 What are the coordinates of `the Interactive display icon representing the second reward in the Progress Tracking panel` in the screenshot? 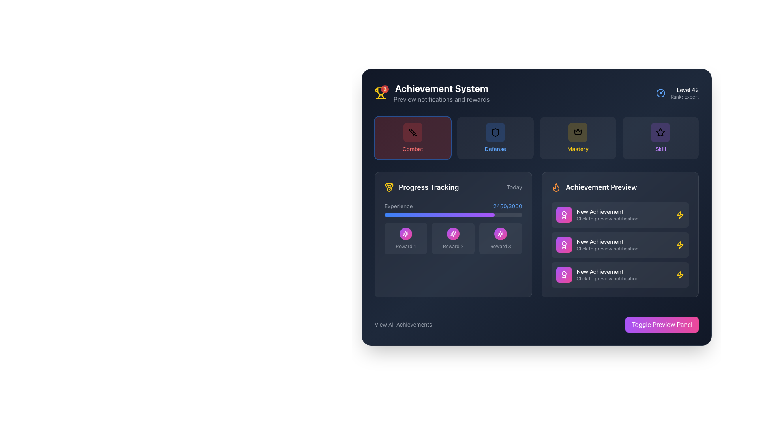 It's located at (453, 238).